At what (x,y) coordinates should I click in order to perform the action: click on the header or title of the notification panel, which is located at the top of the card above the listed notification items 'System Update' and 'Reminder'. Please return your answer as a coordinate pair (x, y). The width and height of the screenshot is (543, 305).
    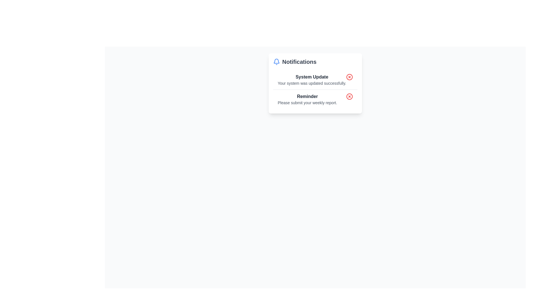
    Looking at the image, I should click on (315, 62).